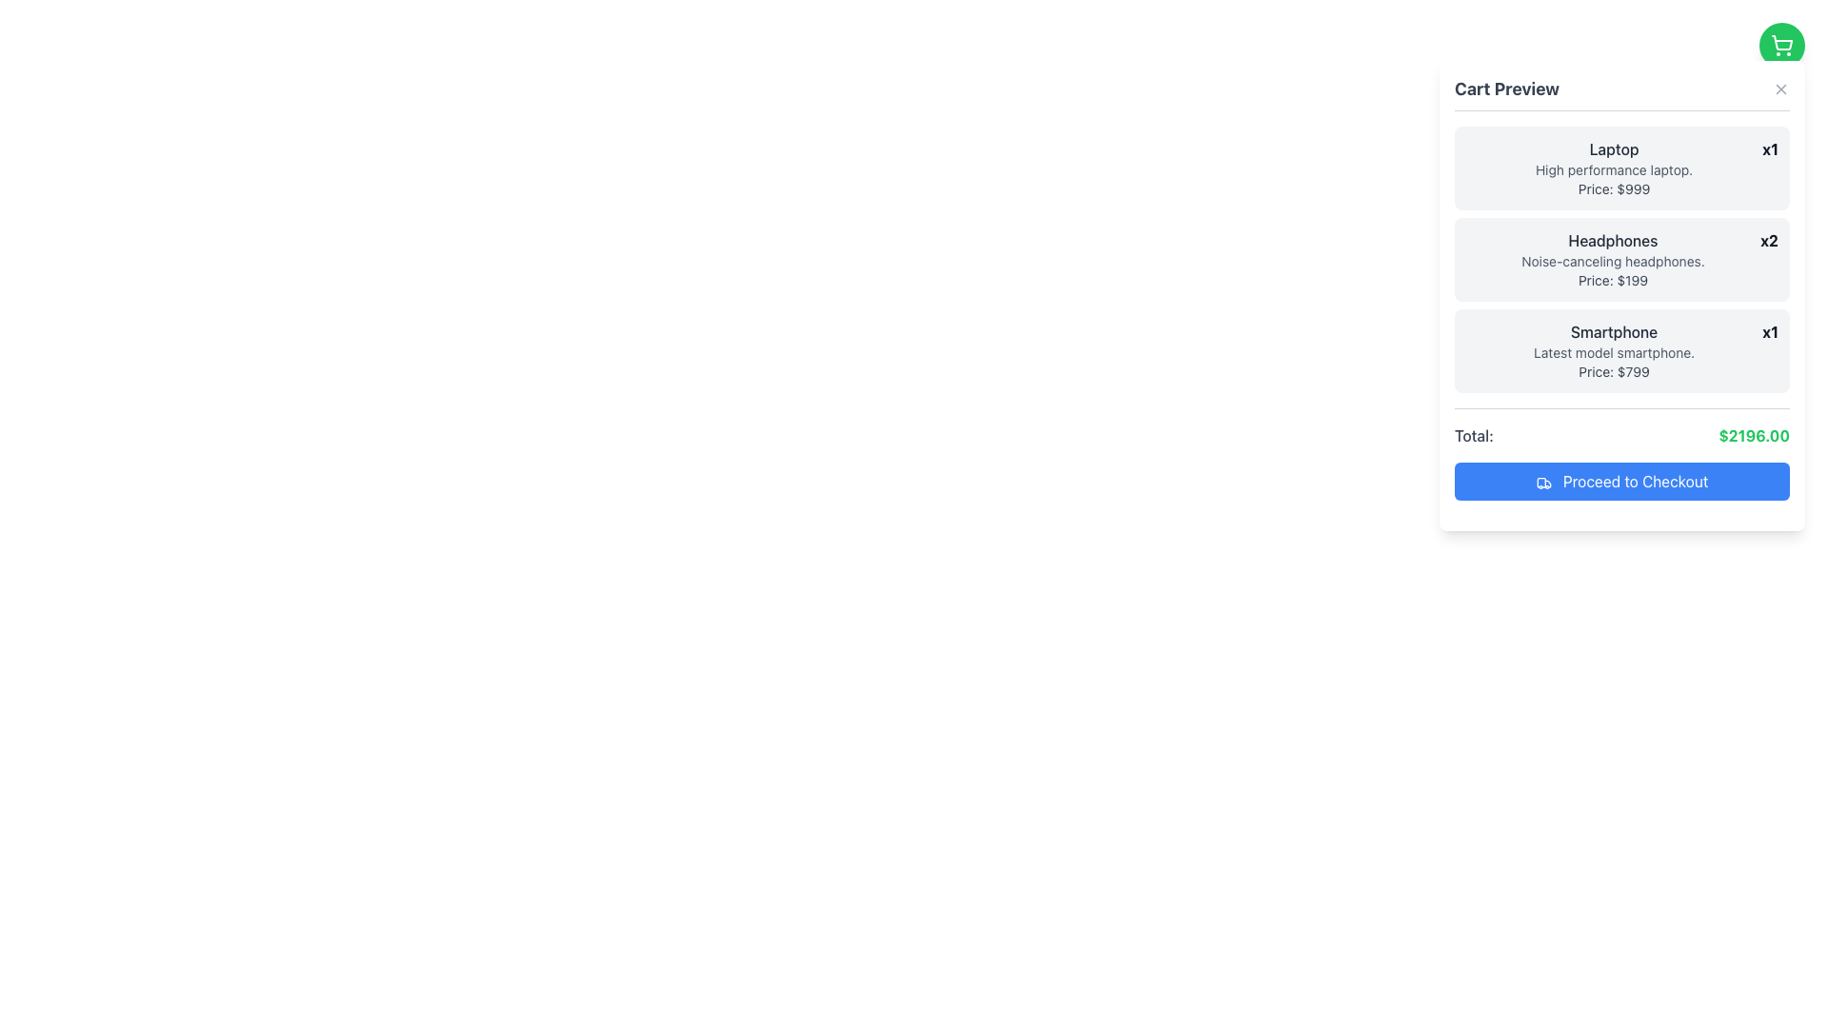  I want to click on the 'Headphones' text label in the cart preview, so click(1612, 240).